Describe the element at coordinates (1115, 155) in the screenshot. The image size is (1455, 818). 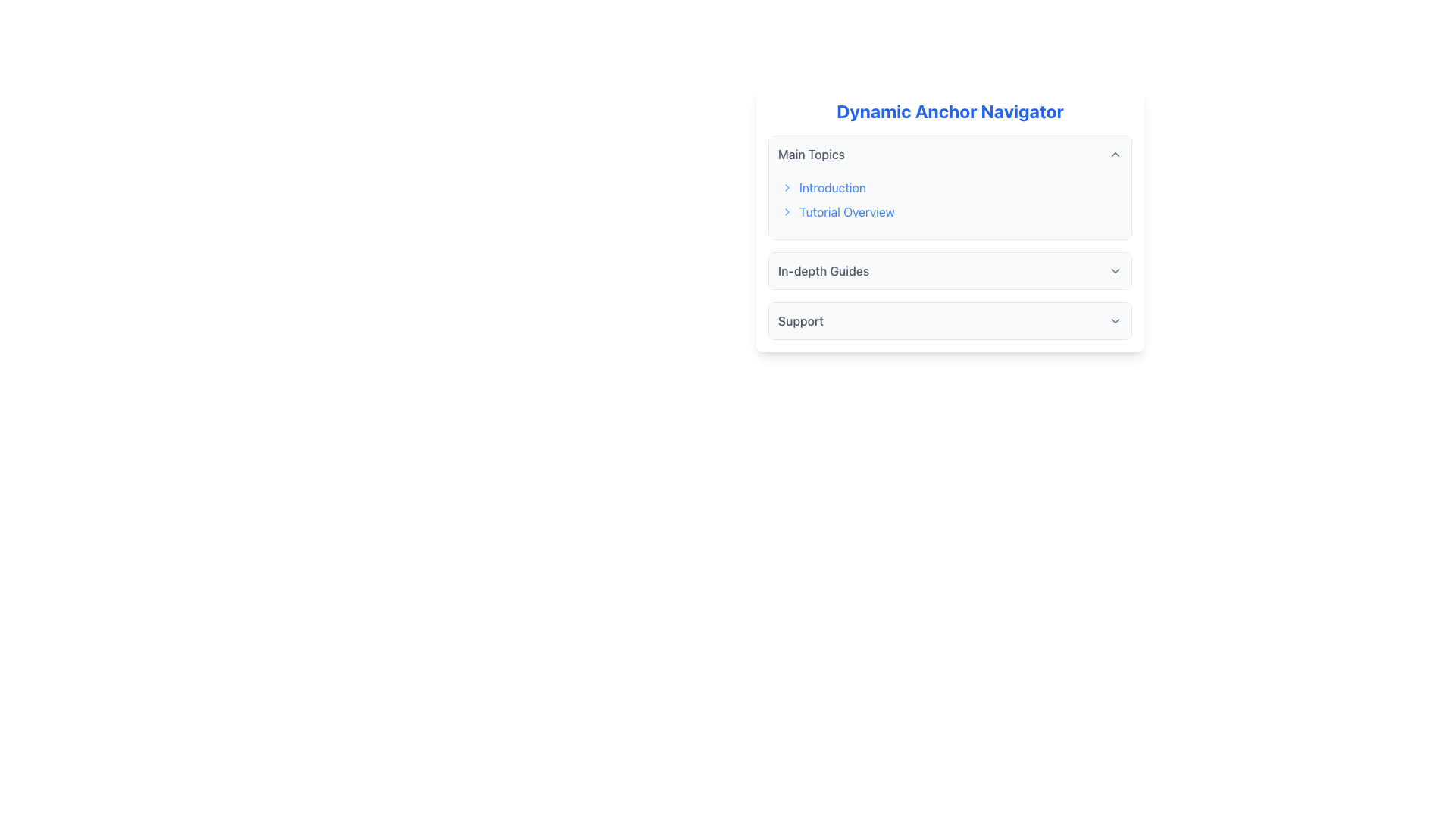
I see `the small upward-pointing chevron icon located at the far right of the 'Main Topics' button` at that location.